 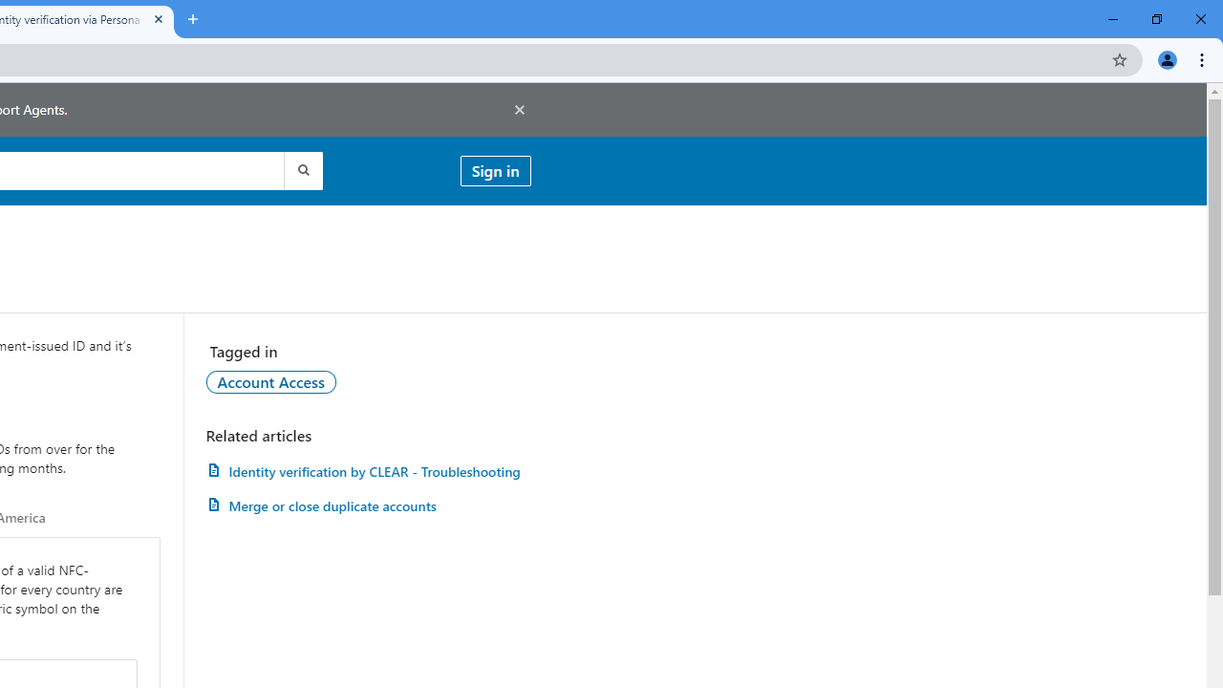 I want to click on 'AutomationID: topic-link-a151002', so click(x=269, y=381).